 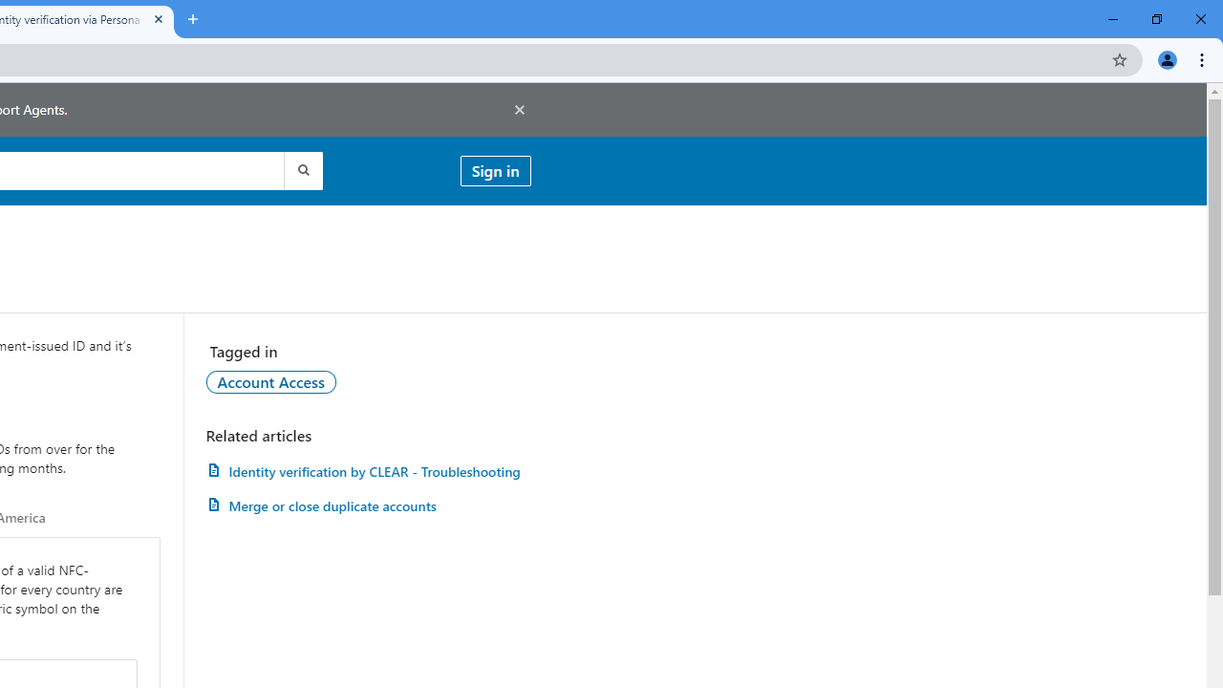 I want to click on 'AutomationID: topic-link-a151002', so click(x=269, y=381).